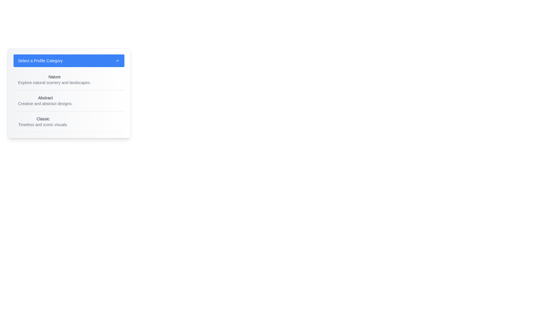  I want to click on the upward-facing chevron arrow icon located at the top-right corner of the 'Select a Profile Category' button, so click(117, 61).